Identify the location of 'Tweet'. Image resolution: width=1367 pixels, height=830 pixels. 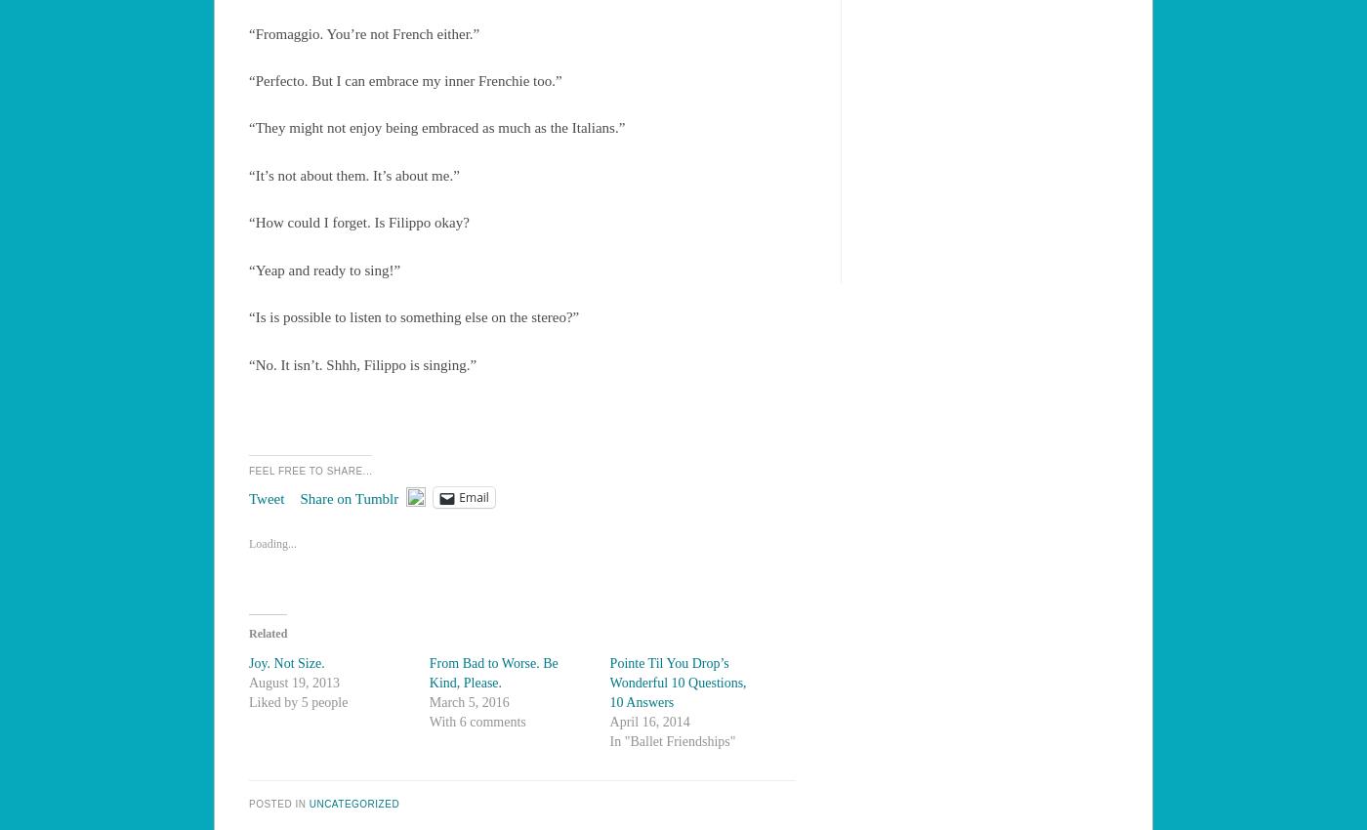
(267, 498).